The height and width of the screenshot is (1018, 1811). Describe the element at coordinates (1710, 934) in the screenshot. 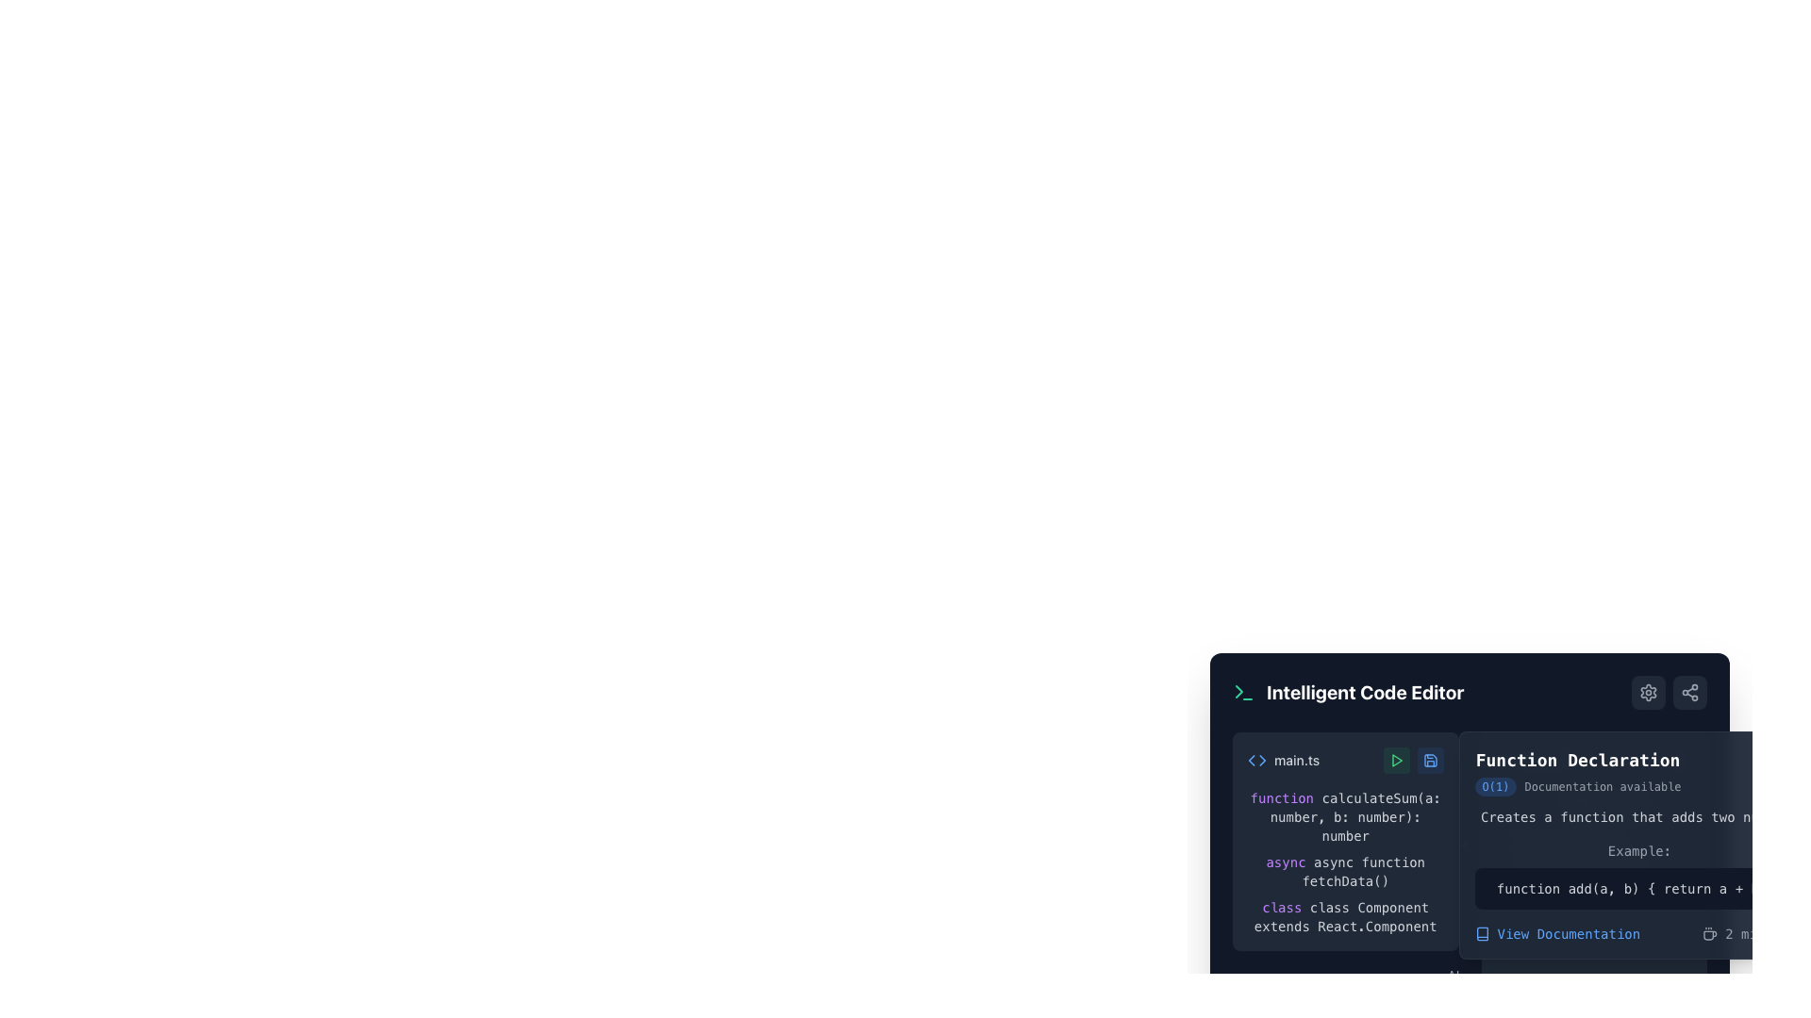

I see `the coffee break icon located to the left of the '2 min read' text` at that location.